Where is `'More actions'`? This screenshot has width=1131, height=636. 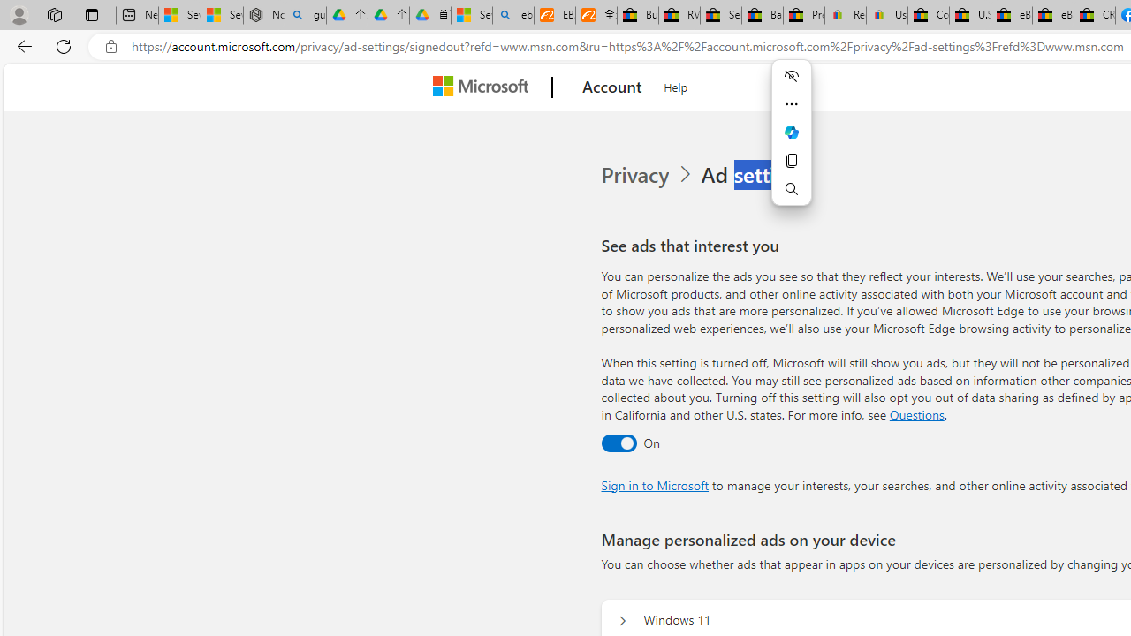 'More actions' is located at coordinates (791, 104).